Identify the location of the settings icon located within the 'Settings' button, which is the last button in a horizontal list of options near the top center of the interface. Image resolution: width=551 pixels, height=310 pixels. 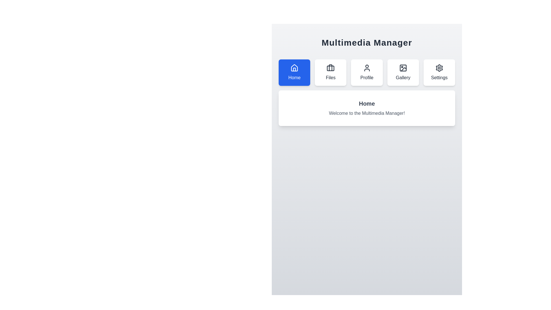
(439, 67).